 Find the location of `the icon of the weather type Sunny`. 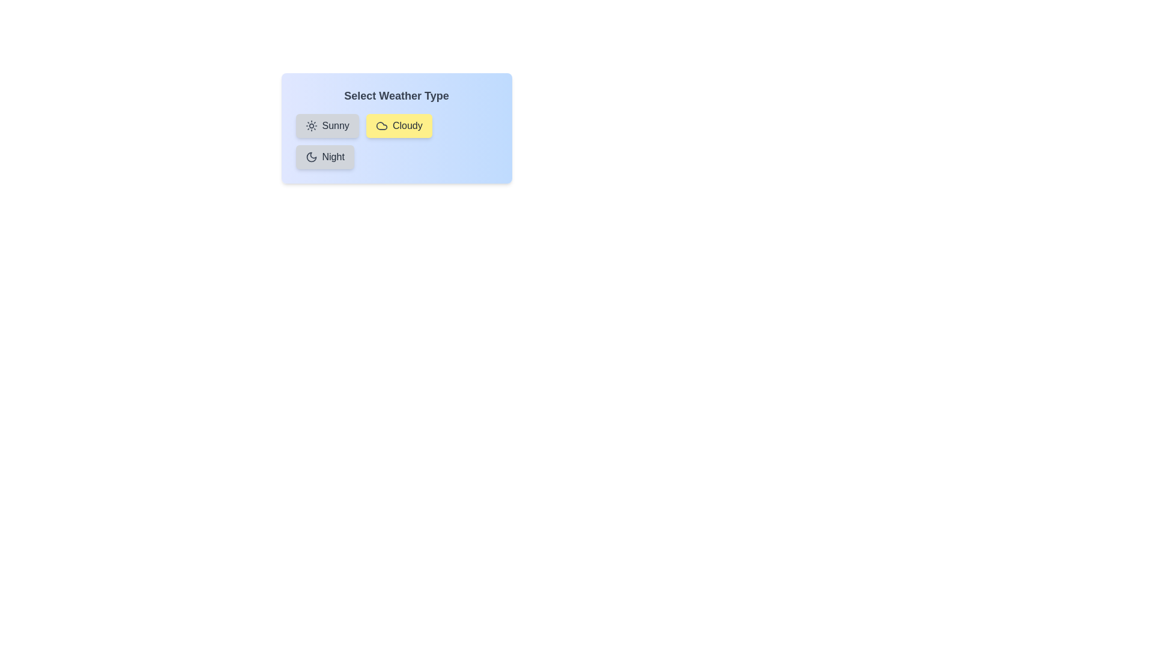

the icon of the weather type Sunny is located at coordinates (311, 125).